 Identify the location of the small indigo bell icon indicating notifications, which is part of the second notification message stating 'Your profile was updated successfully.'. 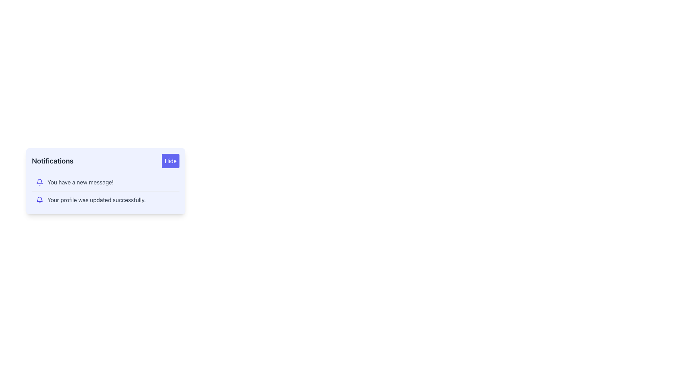
(39, 200).